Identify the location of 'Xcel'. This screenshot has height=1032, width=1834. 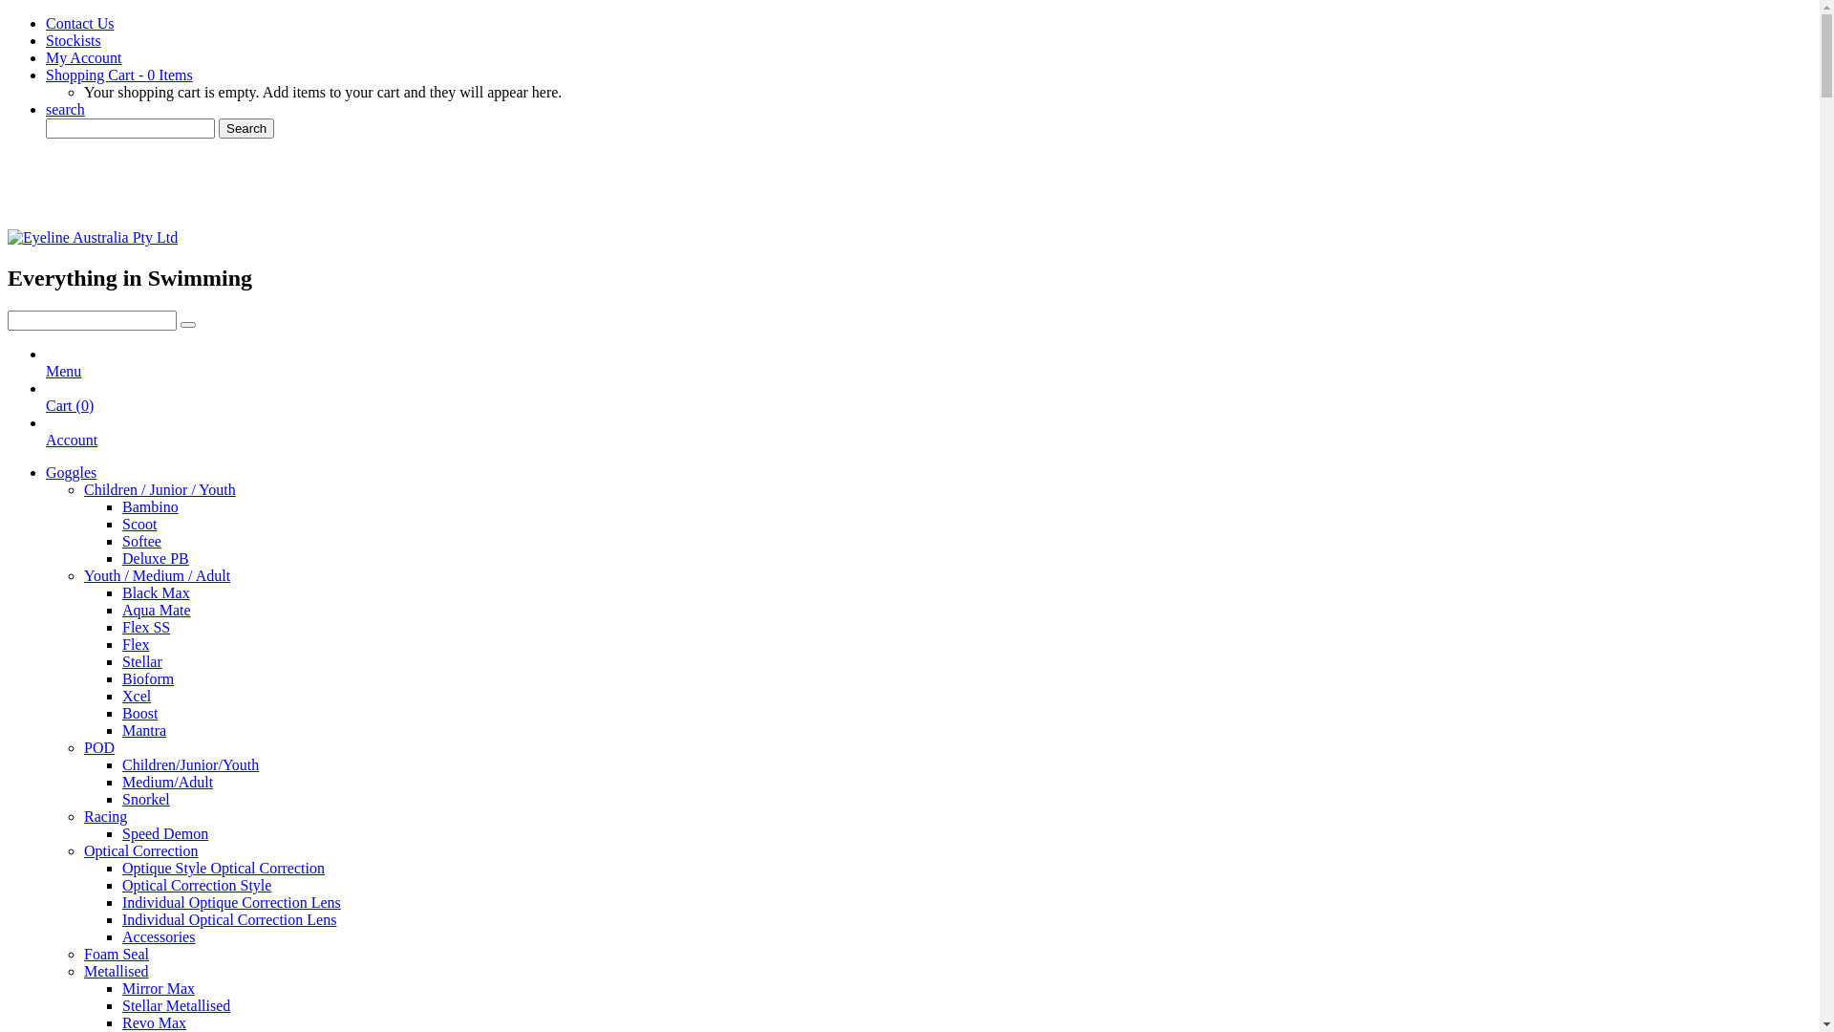
(136, 696).